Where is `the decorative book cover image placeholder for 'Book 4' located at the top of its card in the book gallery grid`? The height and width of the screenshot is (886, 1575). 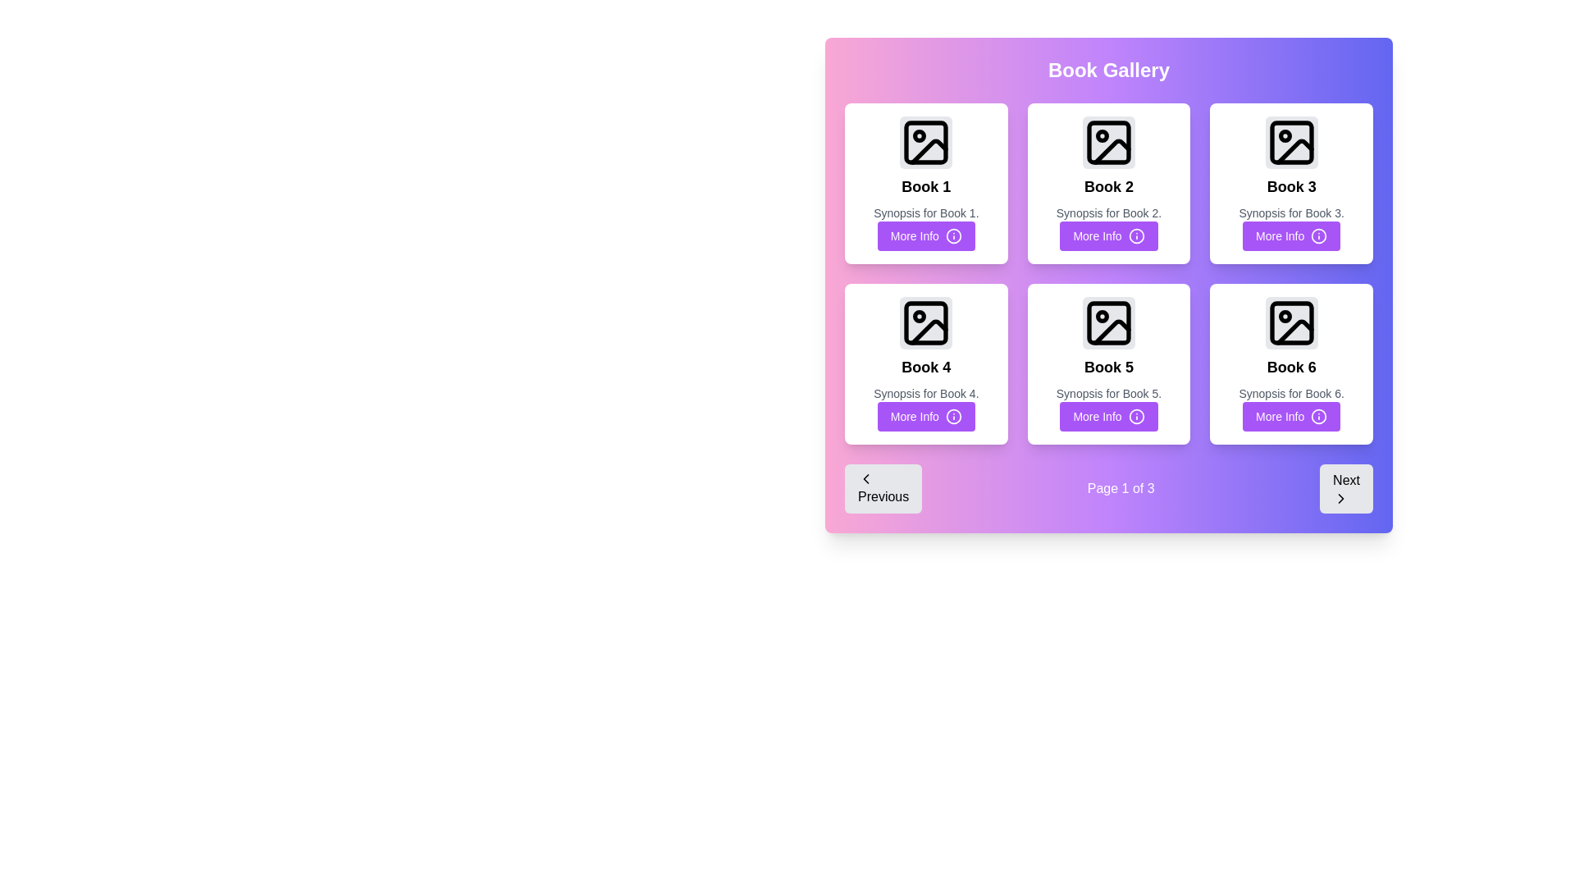 the decorative book cover image placeholder for 'Book 4' located at the top of its card in the book gallery grid is located at coordinates (926, 322).